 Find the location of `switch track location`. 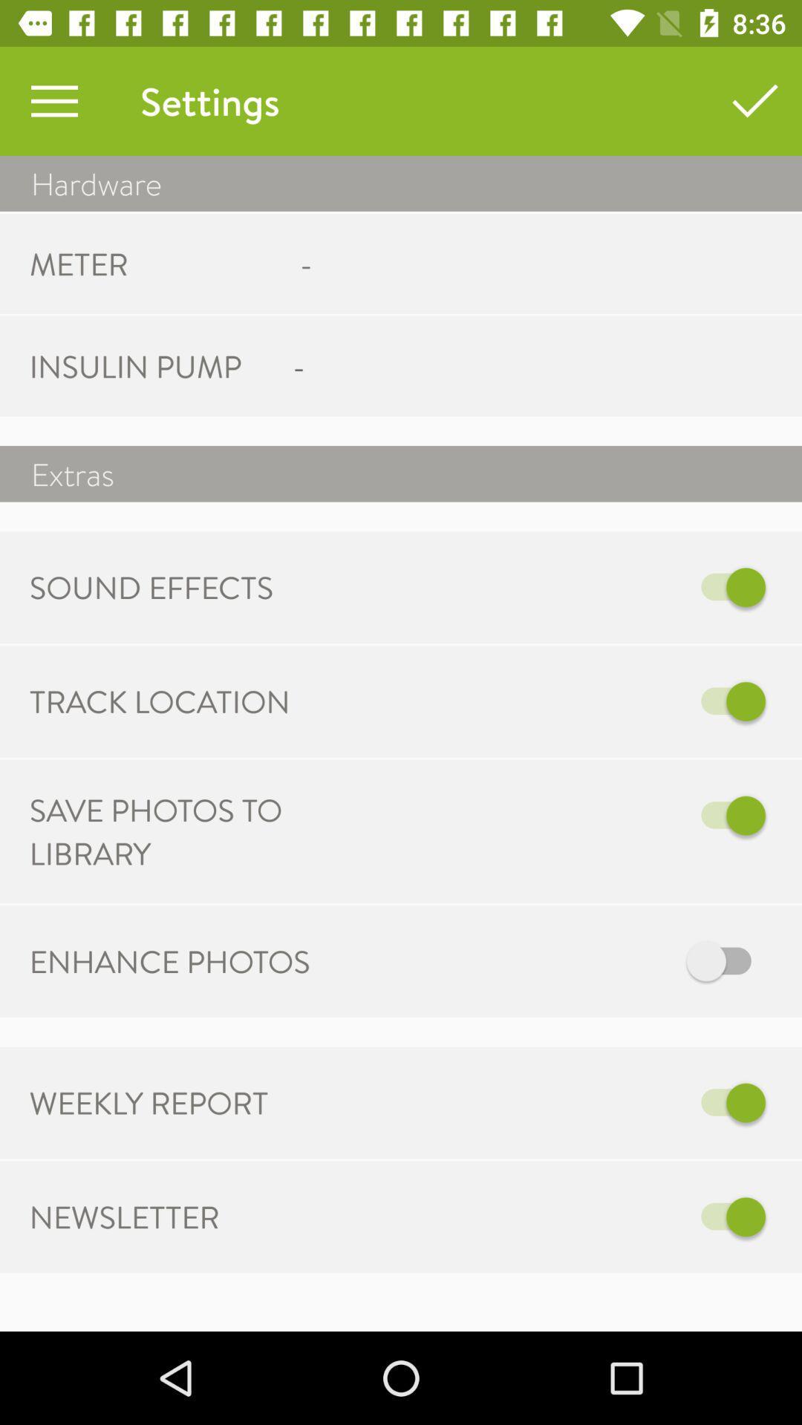

switch track location is located at coordinates (555, 701).